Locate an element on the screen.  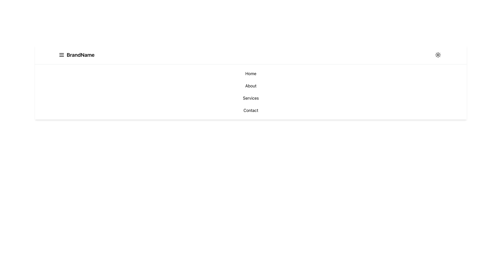
the 'Home' text label link, which is the first item in the vertical list of navigation links is located at coordinates (251, 74).